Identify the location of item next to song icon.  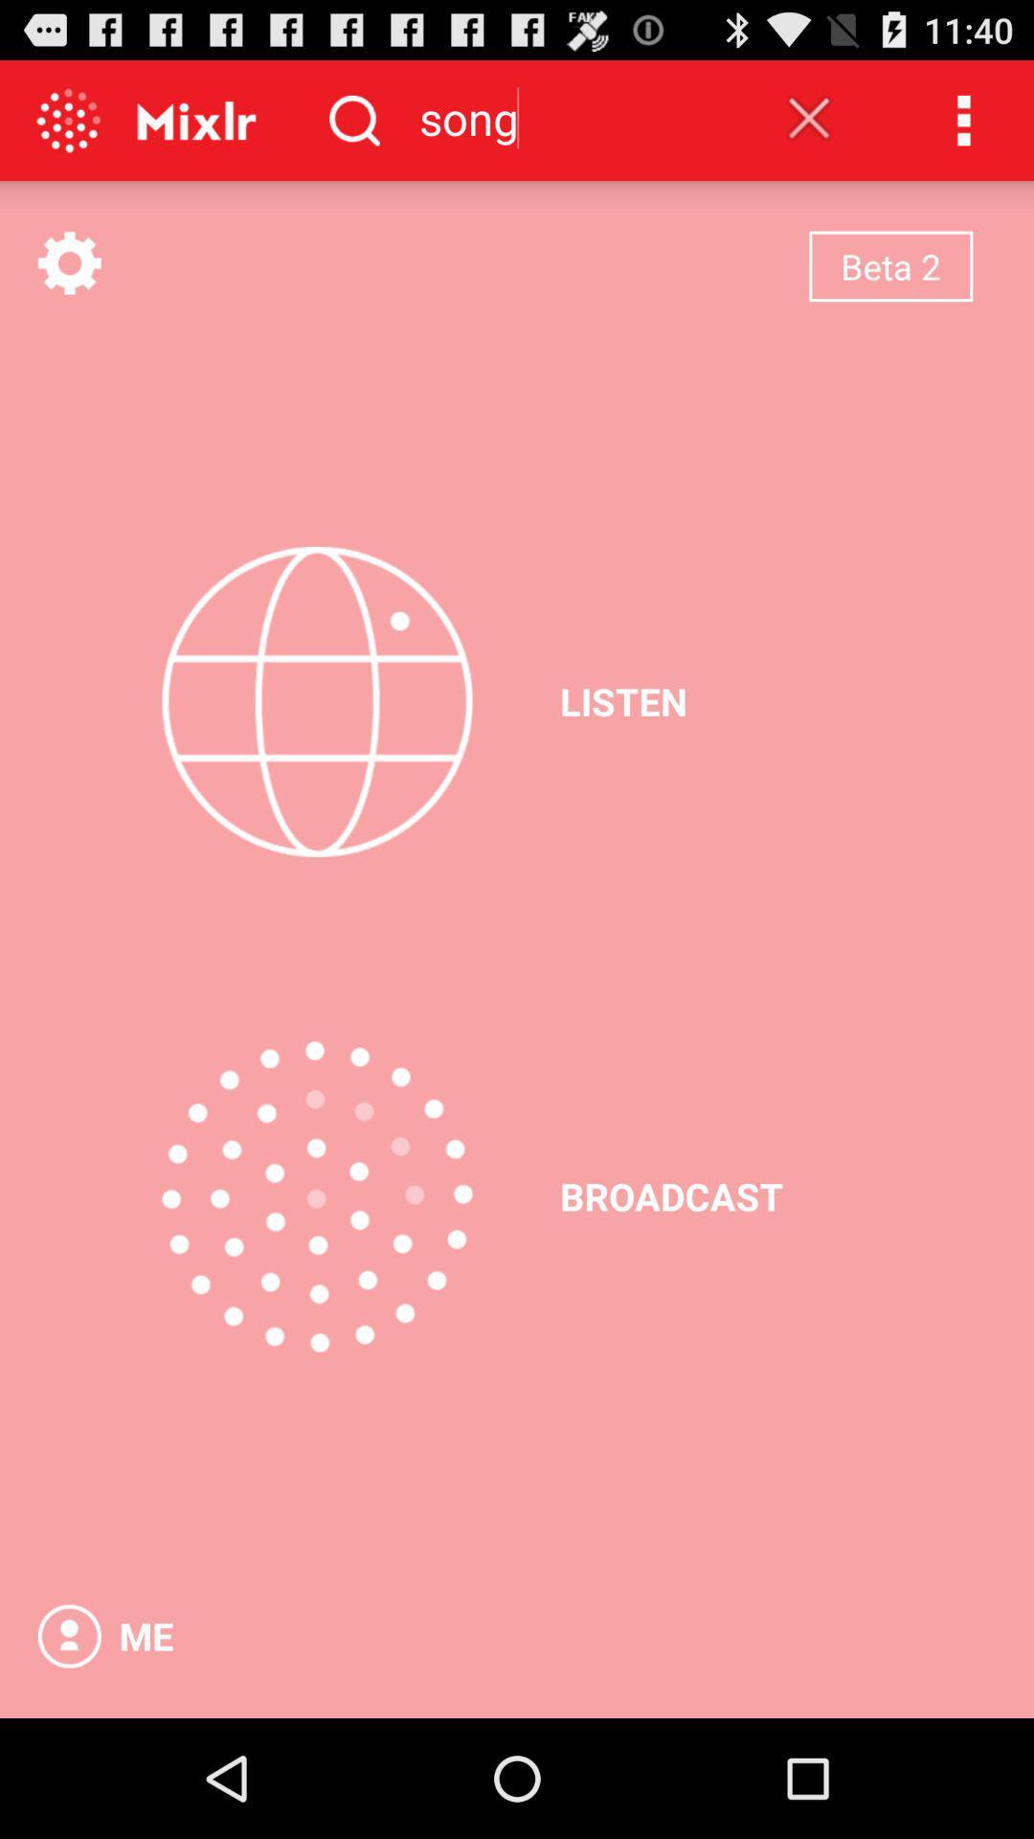
(809, 117).